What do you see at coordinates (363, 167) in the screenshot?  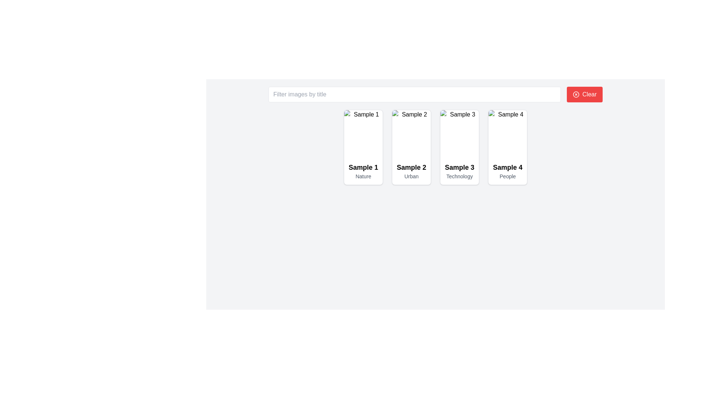 I see `the bold text label reading 'Sample 1' located in the upper-left of the first card in the grid layout` at bounding box center [363, 167].